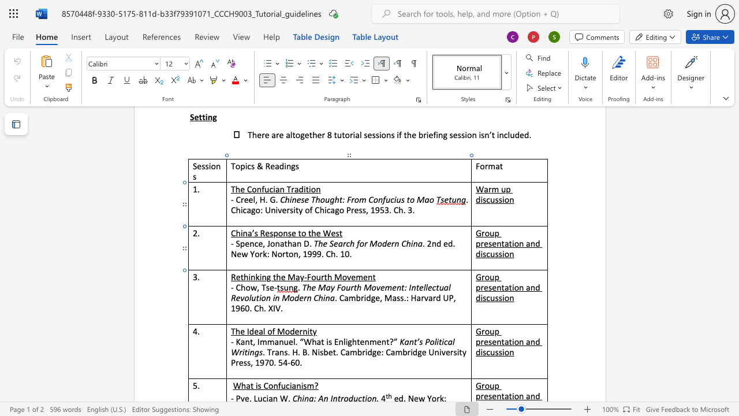  Describe the element at coordinates (290, 331) in the screenshot. I see `the space between the continuous character "o" and "d" in the text` at that location.